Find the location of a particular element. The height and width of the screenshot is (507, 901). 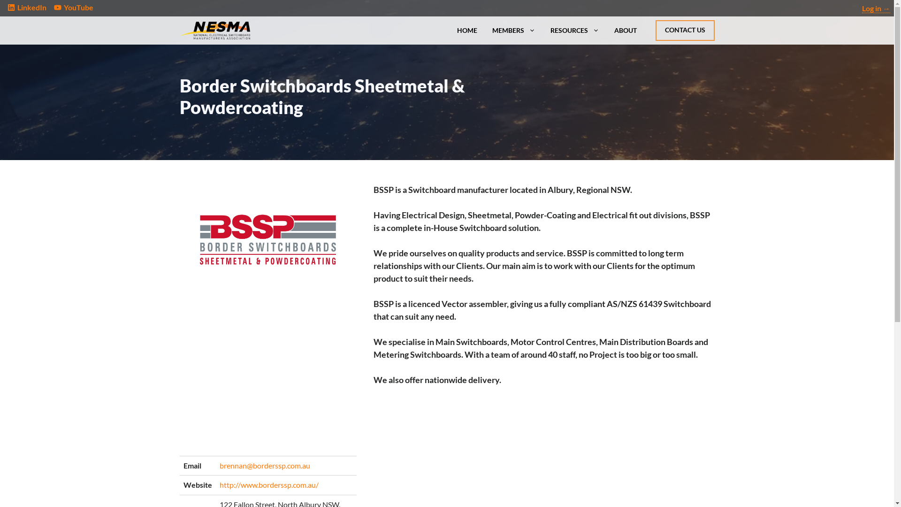

'Log in' is located at coordinates (876, 8).